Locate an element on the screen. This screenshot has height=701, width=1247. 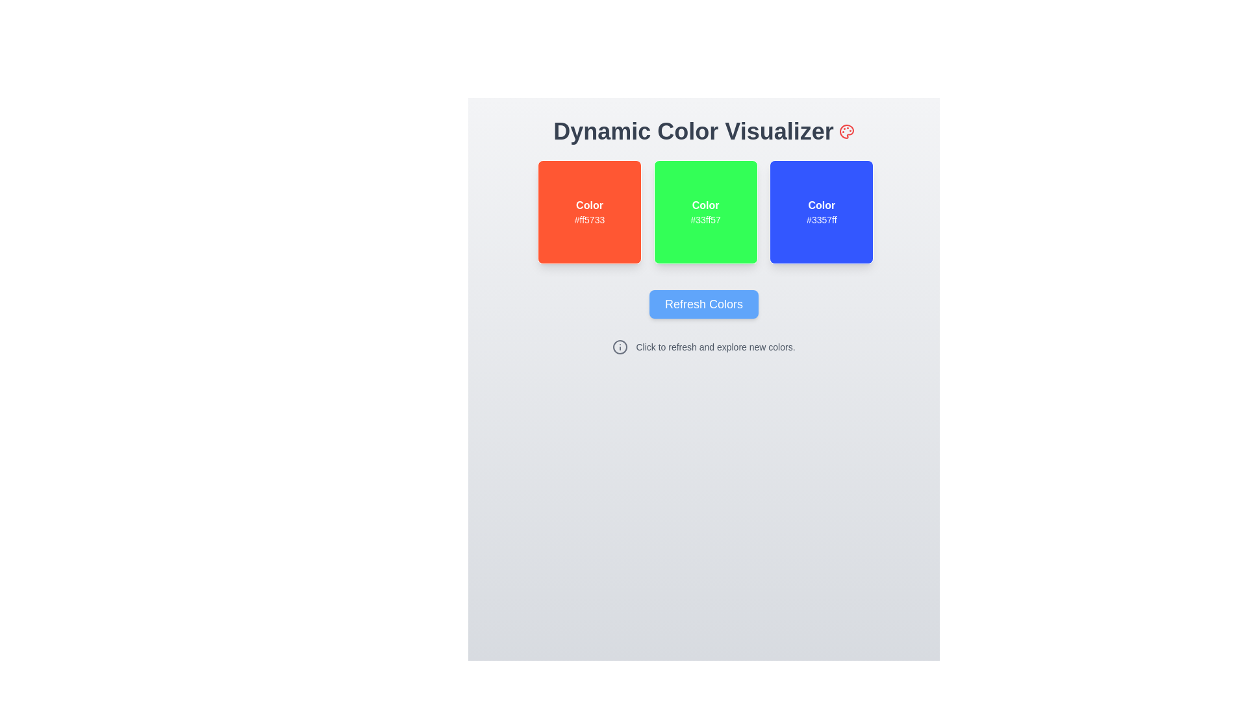
the Static Text element displaying the RGB color code, which is located slightly below the centered text 'Color' in the first of three horizontal rectangles at the top-center of the page is located at coordinates (588, 219).